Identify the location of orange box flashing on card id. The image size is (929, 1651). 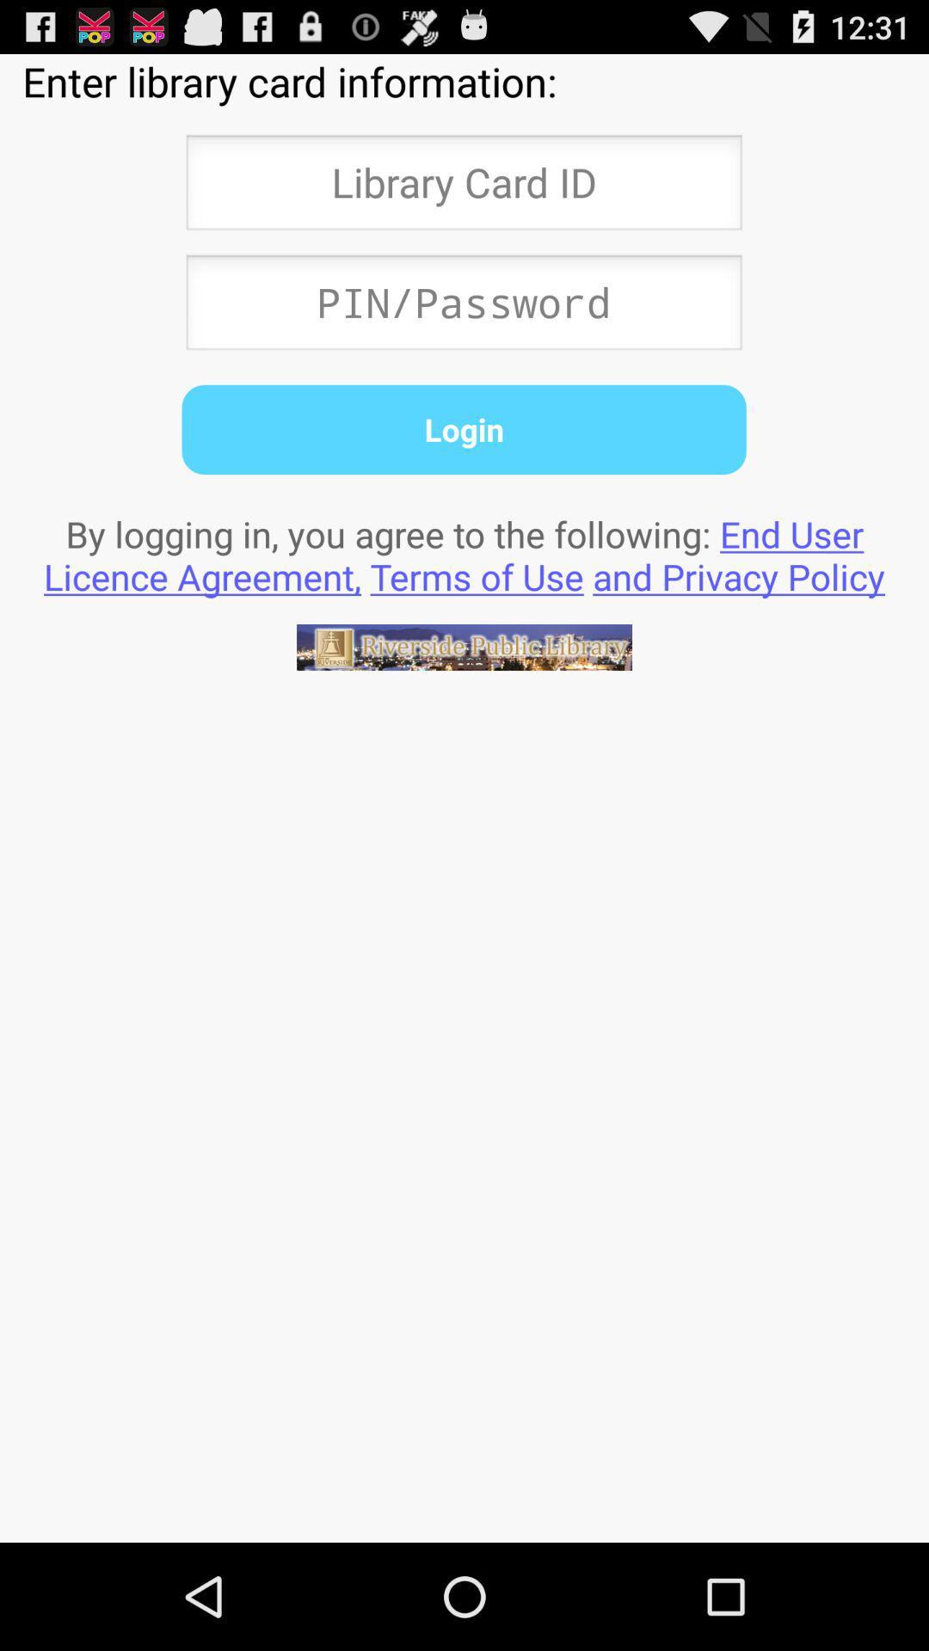
(463, 187).